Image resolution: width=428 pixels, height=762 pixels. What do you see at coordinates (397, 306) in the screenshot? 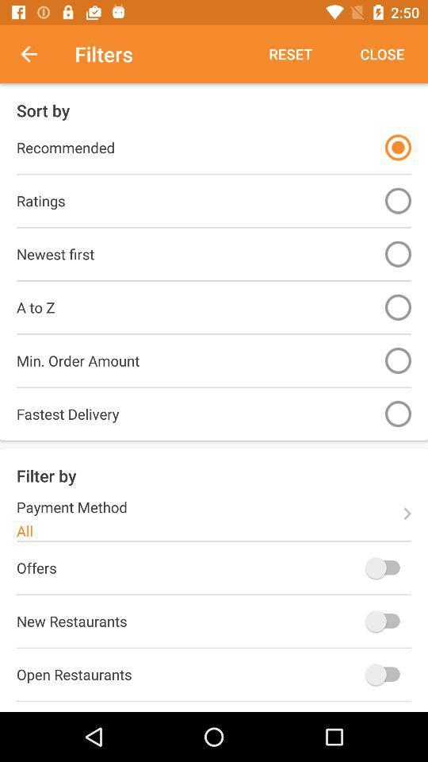
I see `the icon to the right of the a to z icon` at bounding box center [397, 306].